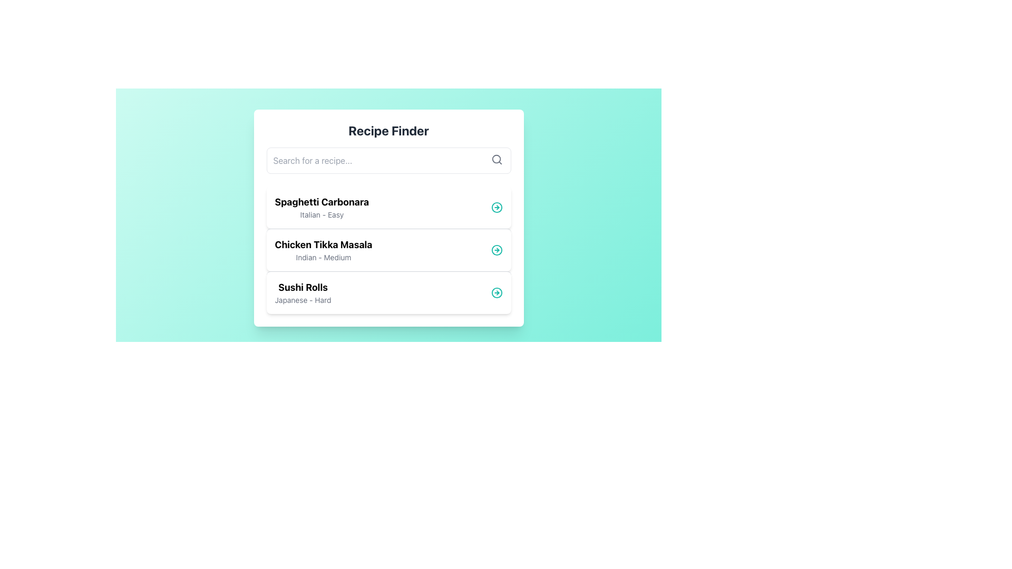  I want to click on the teal circular outline inside the icon for the 'Chicken Tikka Masala' list item, which is the second item in the vertically aligned list, so click(496, 250).